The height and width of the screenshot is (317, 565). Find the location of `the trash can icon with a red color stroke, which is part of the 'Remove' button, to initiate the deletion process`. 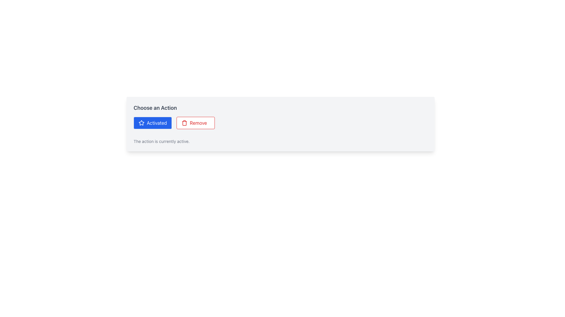

the trash can icon with a red color stroke, which is part of the 'Remove' button, to initiate the deletion process is located at coordinates (184, 123).